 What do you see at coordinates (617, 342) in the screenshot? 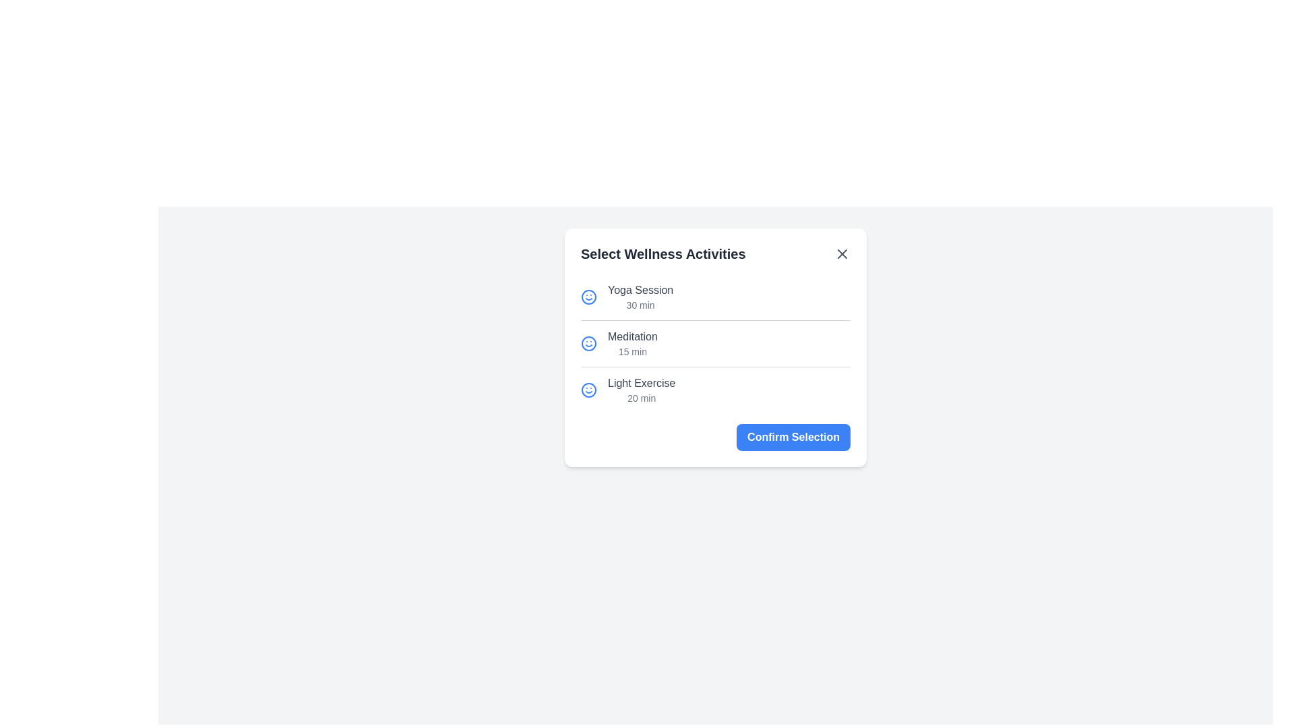
I see `the activity item Meditation` at bounding box center [617, 342].